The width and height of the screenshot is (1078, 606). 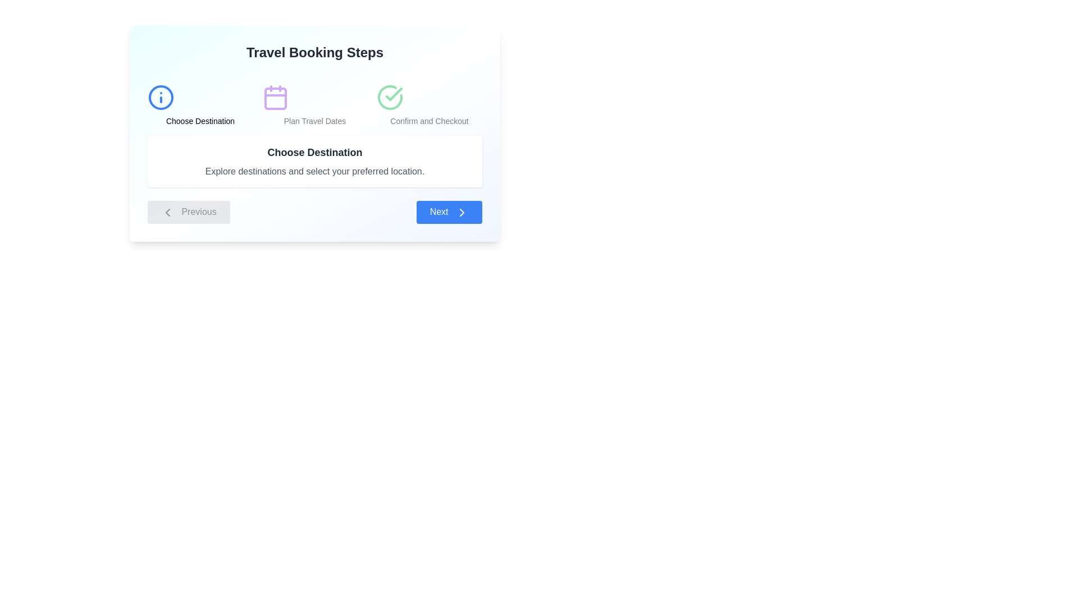 What do you see at coordinates (275, 98) in the screenshot?
I see `the main body of the calendar icon, which is the second icon from the left in a series of step icons at the top of the interface` at bounding box center [275, 98].